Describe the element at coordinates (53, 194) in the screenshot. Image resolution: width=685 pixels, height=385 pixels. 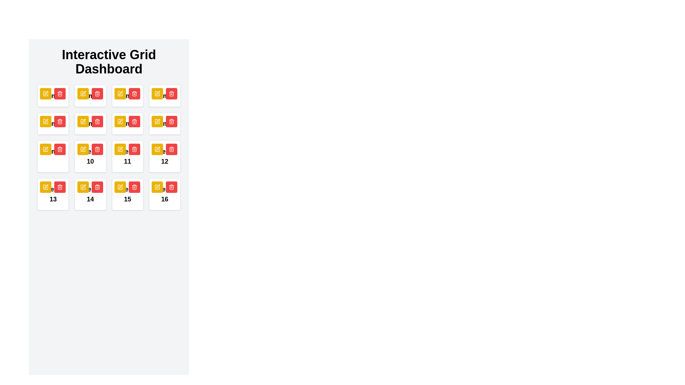
I see `the bold text label displaying 'Item 13', which is styled in black on a white background, located in the fourth row and first column of the grid layout` at that location.